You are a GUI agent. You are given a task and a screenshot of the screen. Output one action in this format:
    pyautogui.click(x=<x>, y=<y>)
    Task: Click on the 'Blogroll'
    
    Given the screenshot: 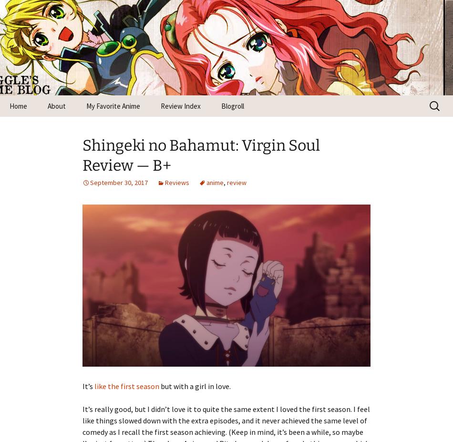 What is the action you would take?
    pyautogui.click(x=233, y=106)
    